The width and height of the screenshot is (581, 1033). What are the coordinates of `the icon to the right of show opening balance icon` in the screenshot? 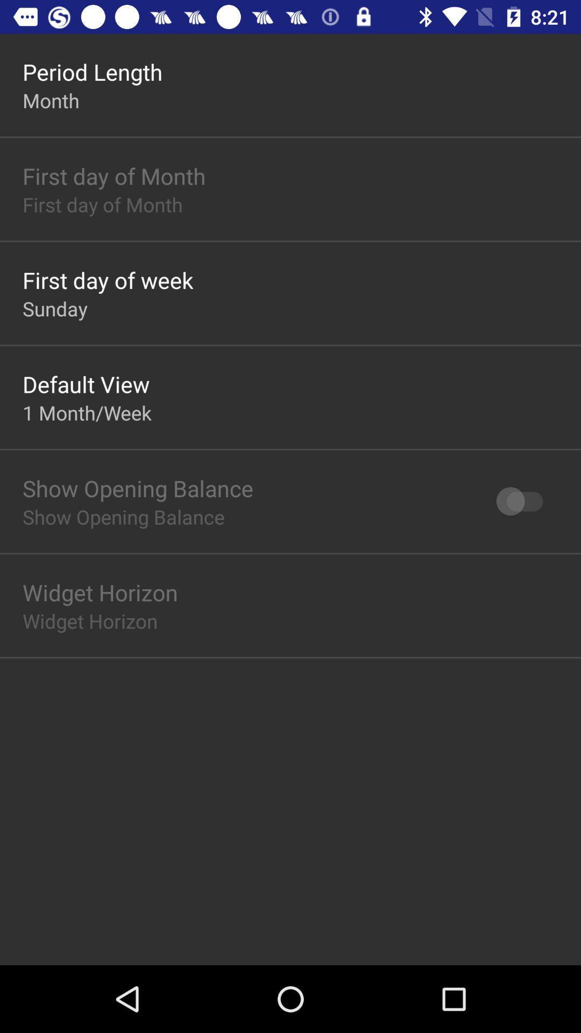 It's located at (524, 500).